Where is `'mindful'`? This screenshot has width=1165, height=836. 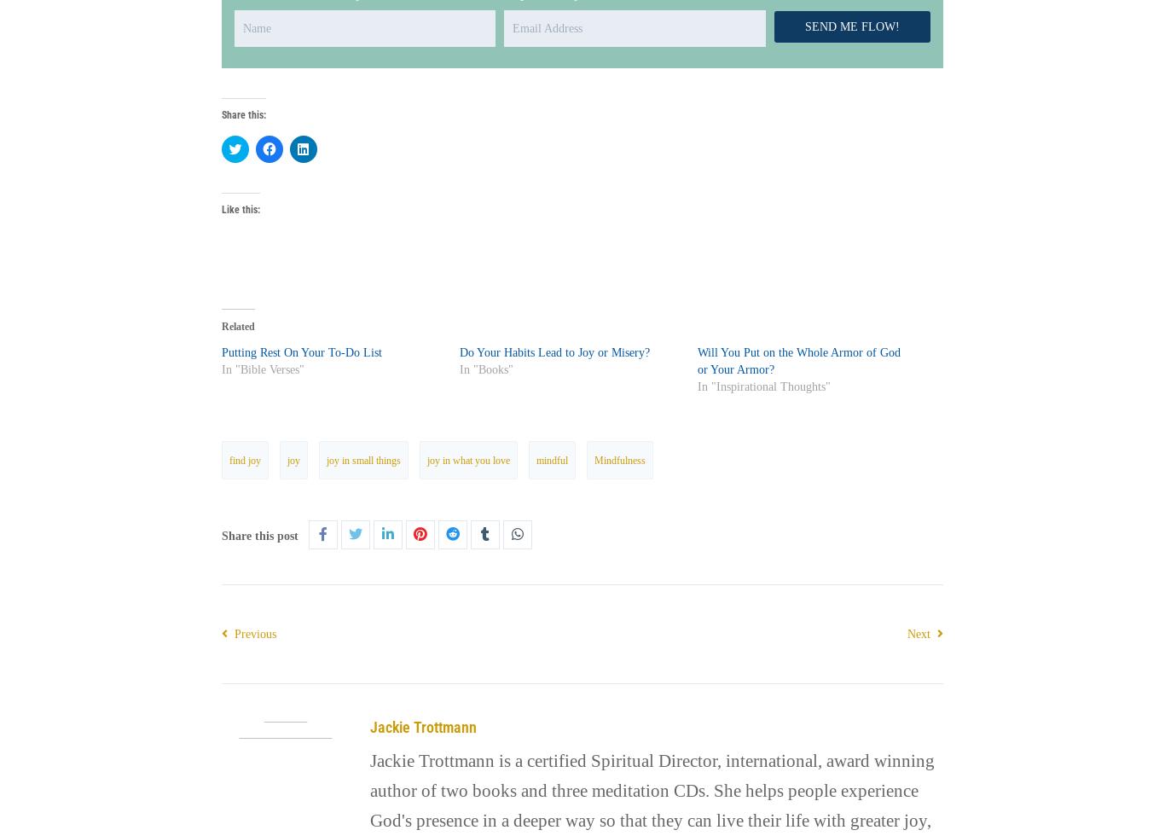 'mindful' is located at coordinates (550, 459).